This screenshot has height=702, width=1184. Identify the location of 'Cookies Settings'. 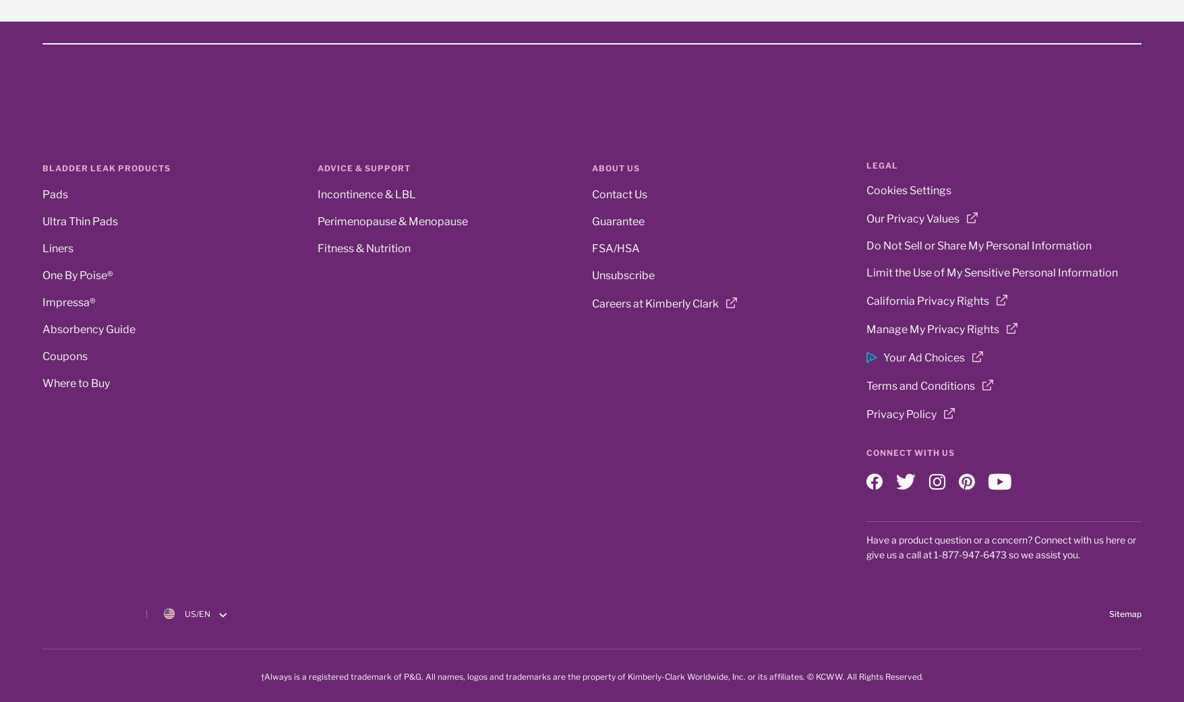
(909, 189).